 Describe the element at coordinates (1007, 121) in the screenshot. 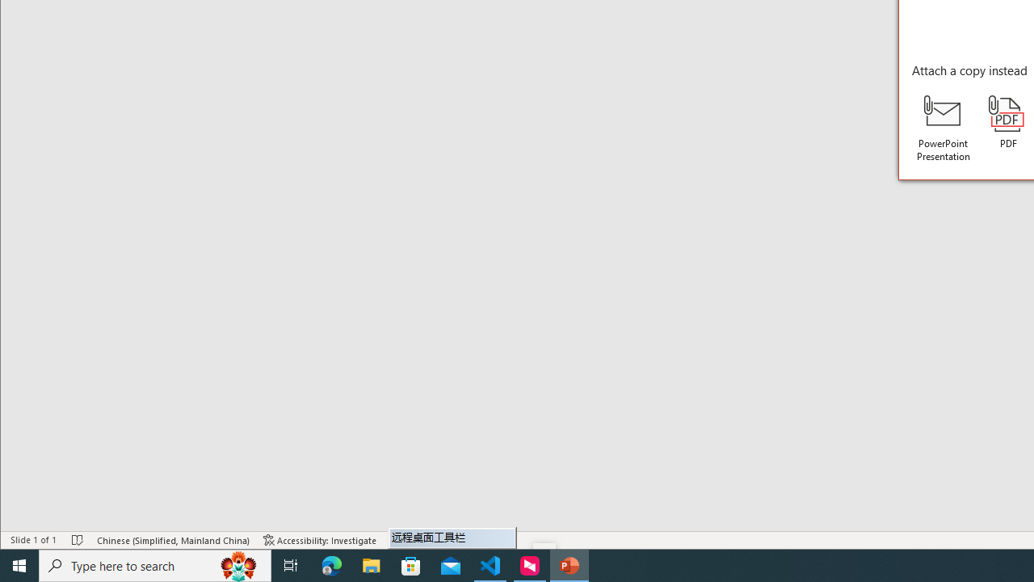

I see `'PDF'` at that location.